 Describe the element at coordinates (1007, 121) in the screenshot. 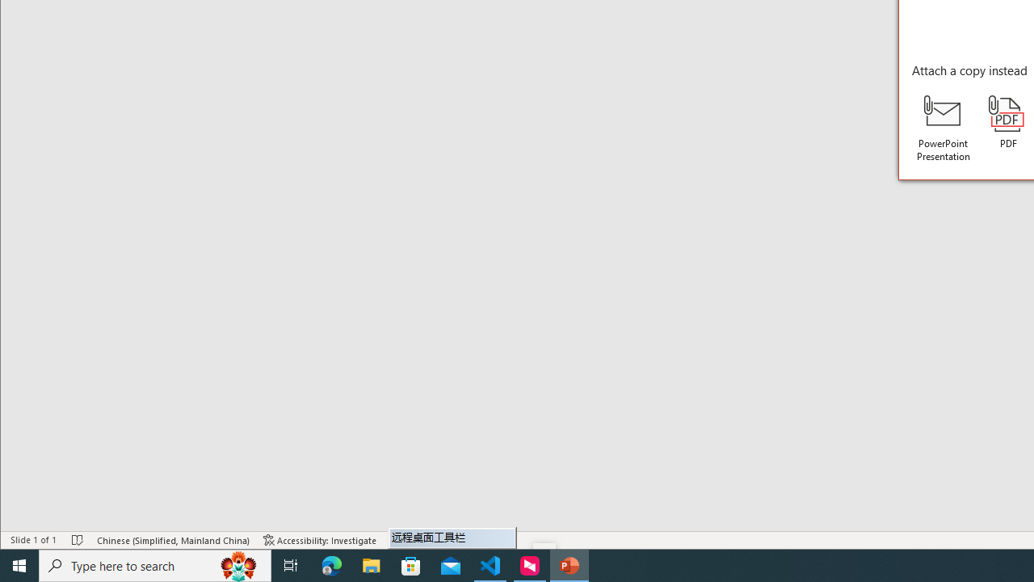

I see `'PDF'` at that location.